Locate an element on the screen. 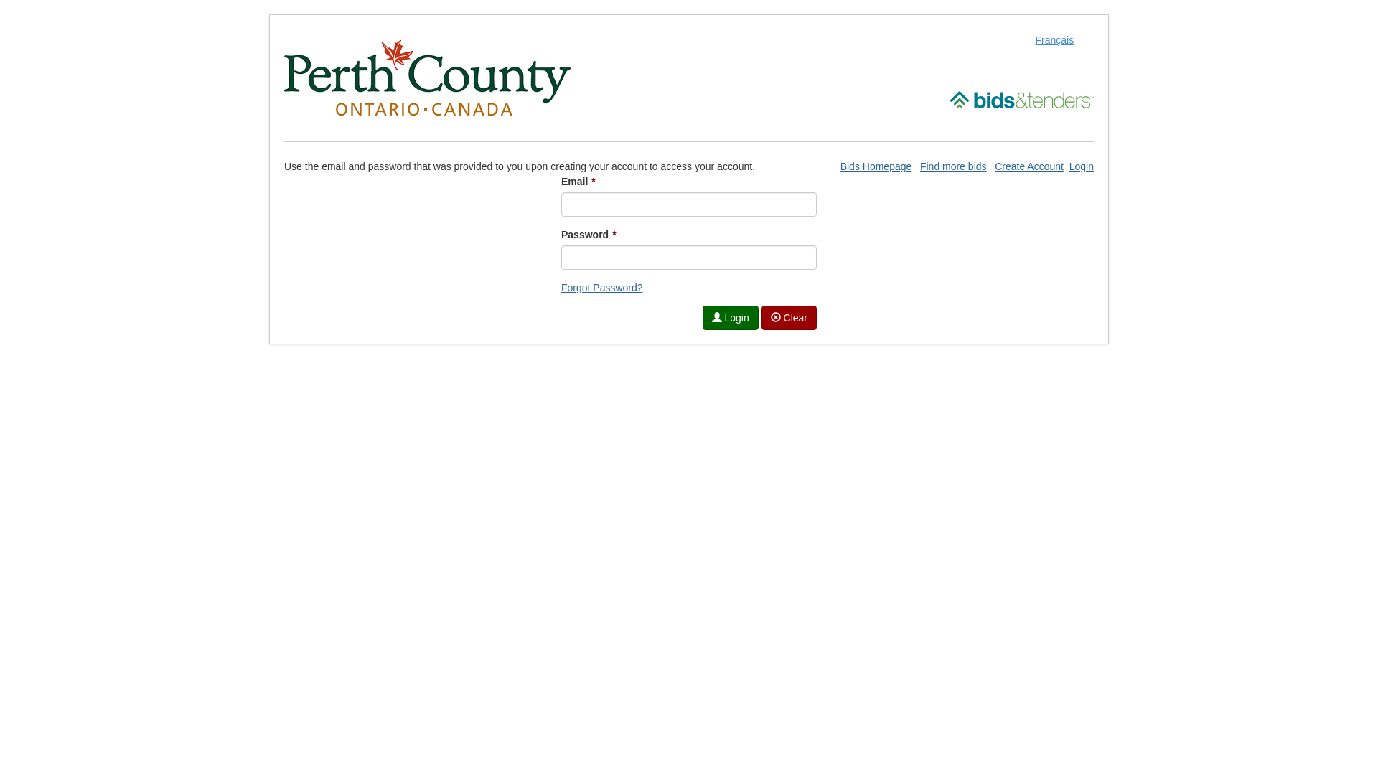  'Create Account' is located at coordinates (1028, 165).